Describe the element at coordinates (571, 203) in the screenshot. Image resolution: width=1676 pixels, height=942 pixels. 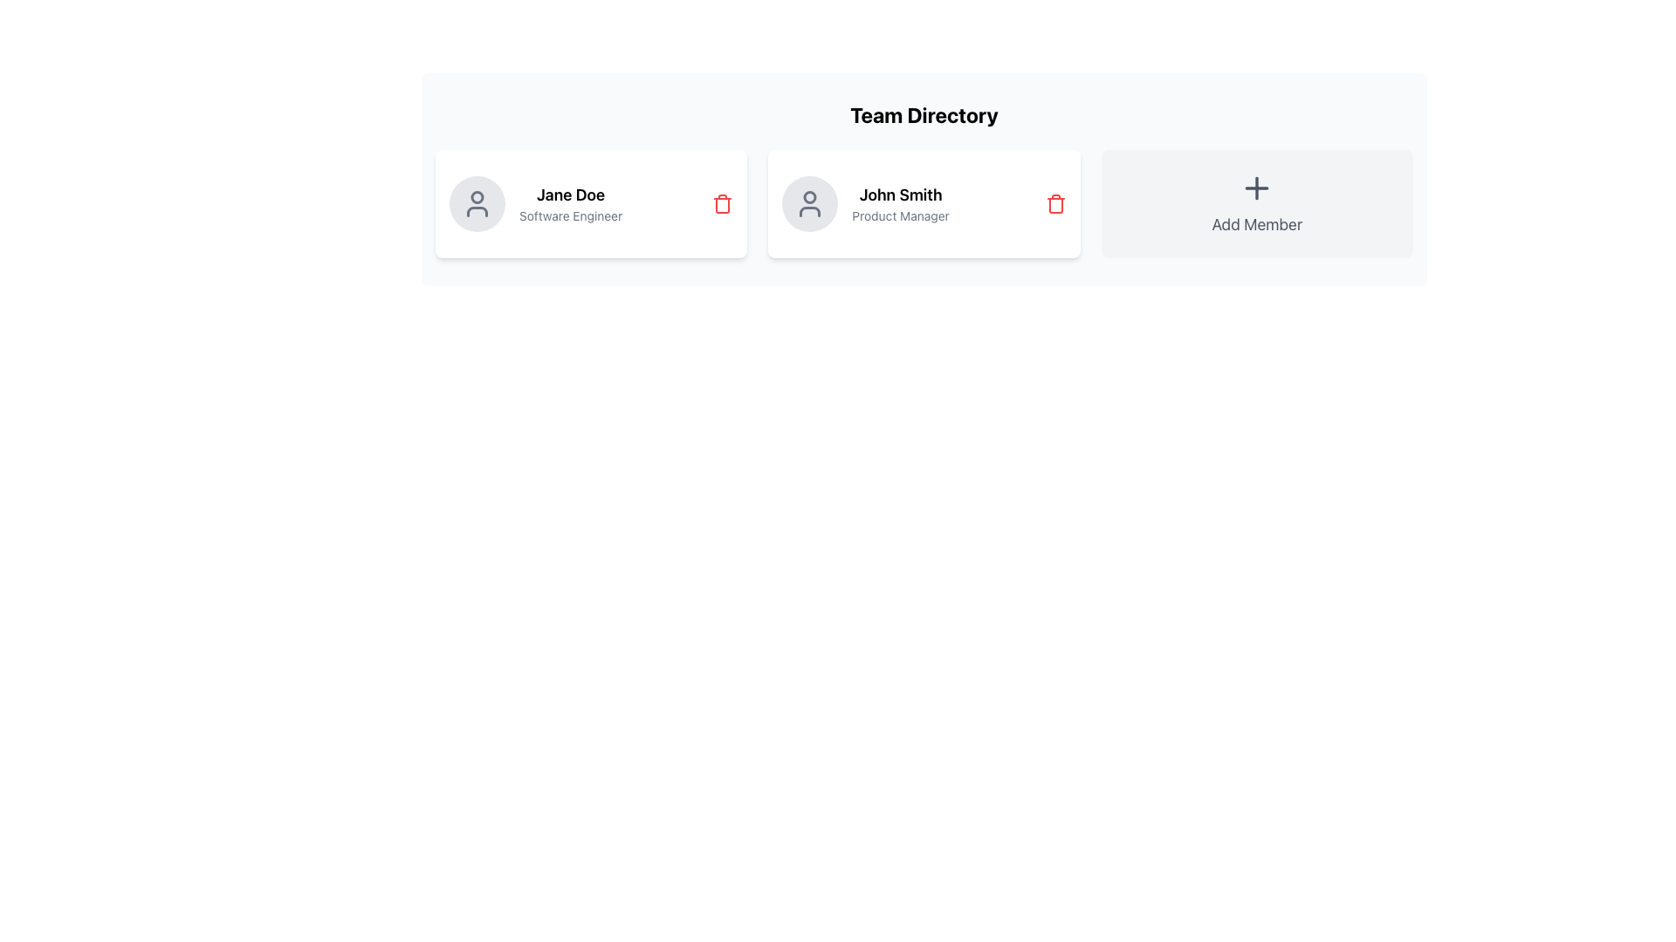
I see `the Text Label containing the name 'Jane Doe' and the title 'Software Engineer', located in the first card's center-right, adjacent to an avatar and a delete icon` at that location.